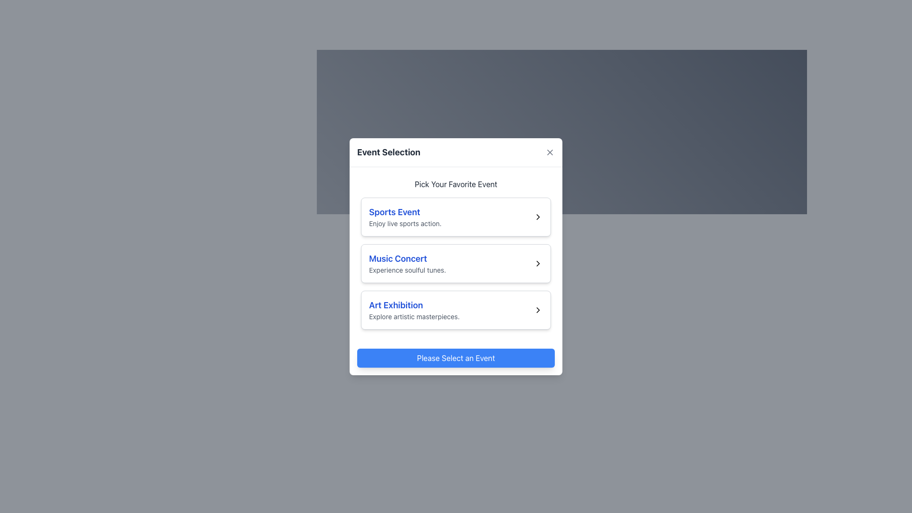 This screenshot has width=912, height=513. What do you see at coordinates (538, 217) in the screenshot?
I see `the Chevron Icon that serves as an indicator for accessing details about 'Sports Event', which is positioned next to the 'Sports Event' text in the upper section of the interface` at bounding box center [538, 217].